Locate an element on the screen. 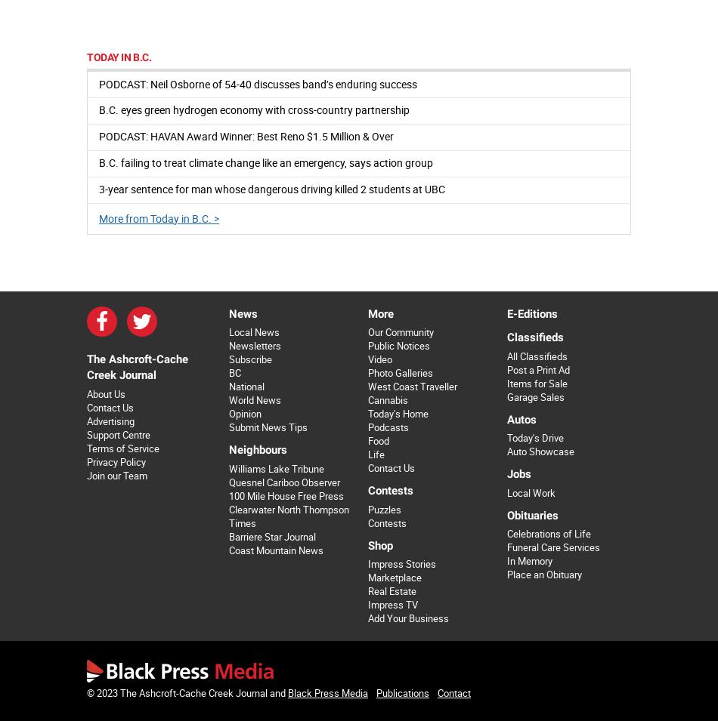 This screenshot has height=721, width=718. 'West Coast Traveller' is located at coordinates (412, 387).